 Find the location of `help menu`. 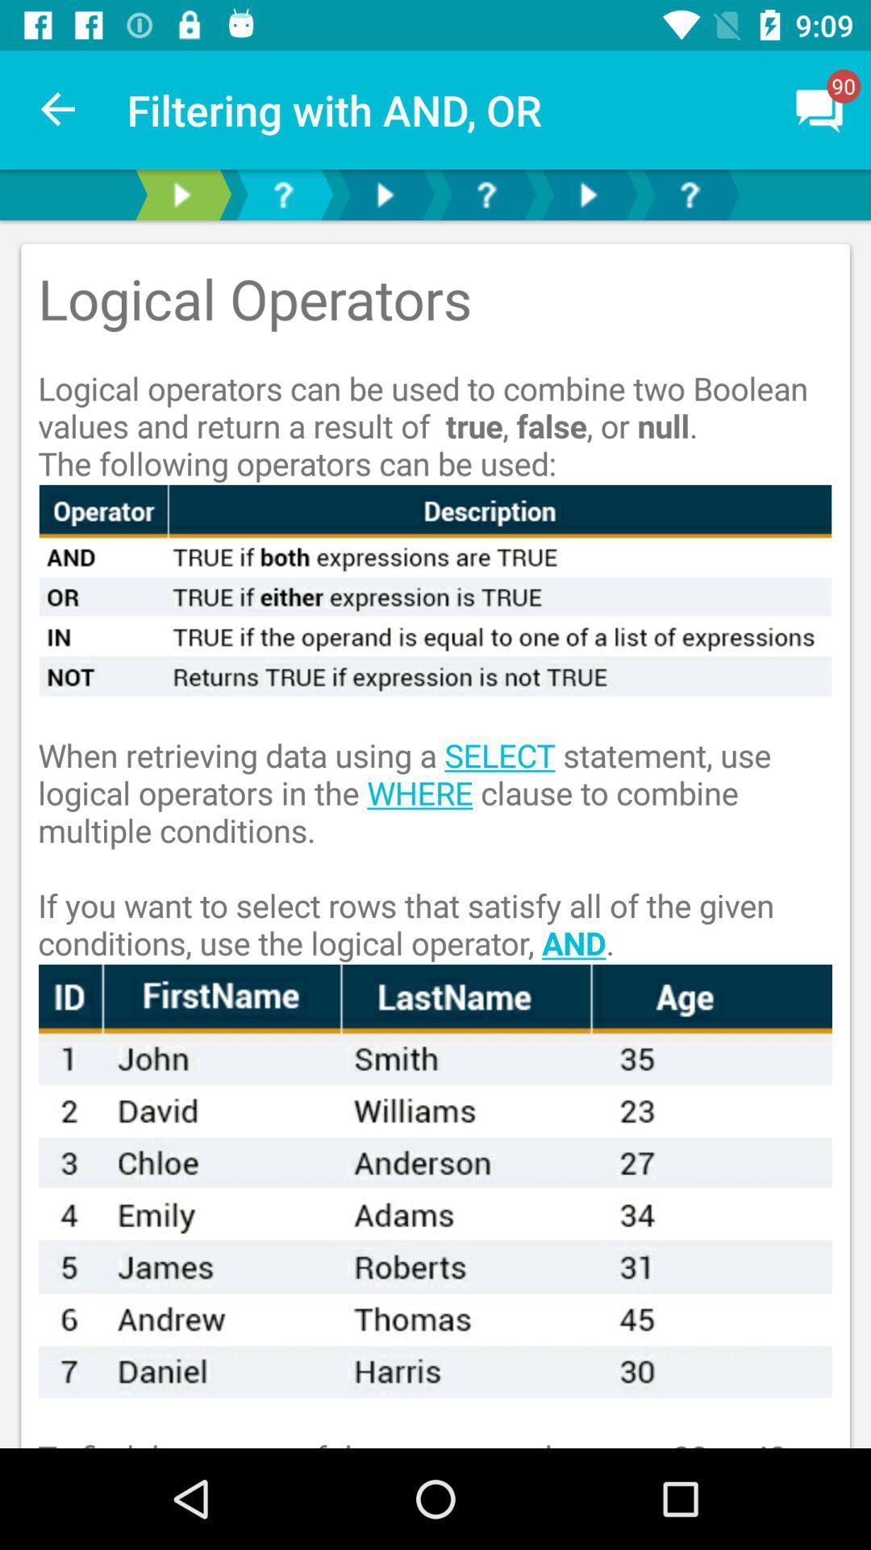

help menu is located at coordinates (690, 194).